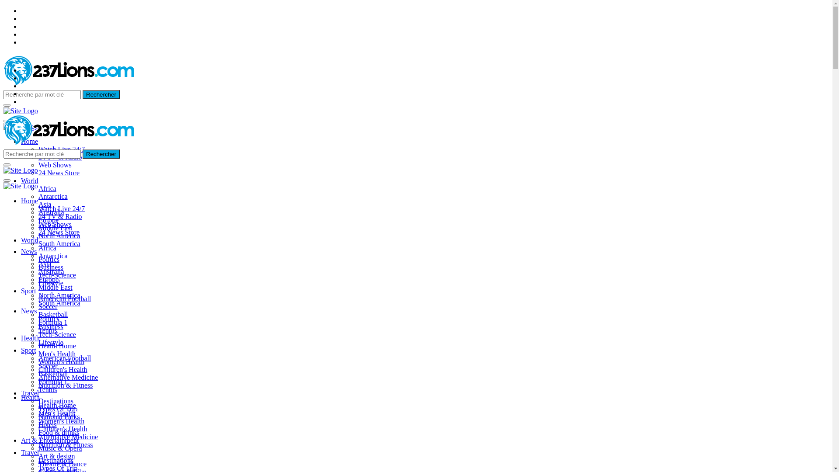 The width and height of the screenshot is (839, 472). Describe the element at coordinates (48, 319) in the screenshot. I see `'Politics'` at that location.